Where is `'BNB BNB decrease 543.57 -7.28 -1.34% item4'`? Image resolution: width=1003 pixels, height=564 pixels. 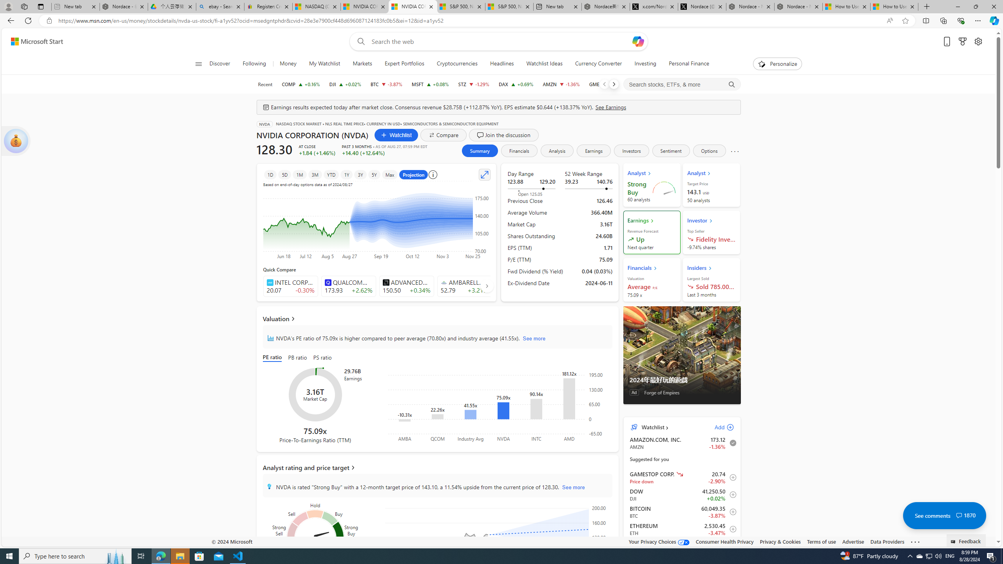
'BNB BNB decrease 543.57 -7.28 -1.34% item4' is located at coordinates (682, 546).